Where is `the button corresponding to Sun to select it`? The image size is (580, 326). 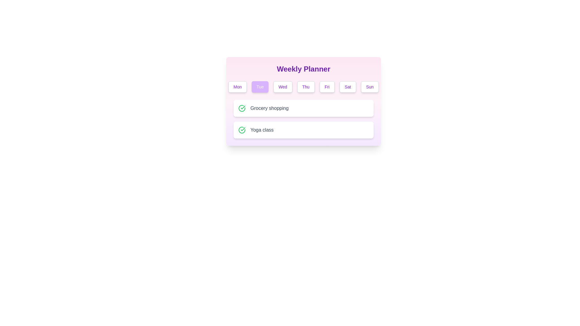 the button corresponding to Sun to select it is located at coordinates (369, 87).